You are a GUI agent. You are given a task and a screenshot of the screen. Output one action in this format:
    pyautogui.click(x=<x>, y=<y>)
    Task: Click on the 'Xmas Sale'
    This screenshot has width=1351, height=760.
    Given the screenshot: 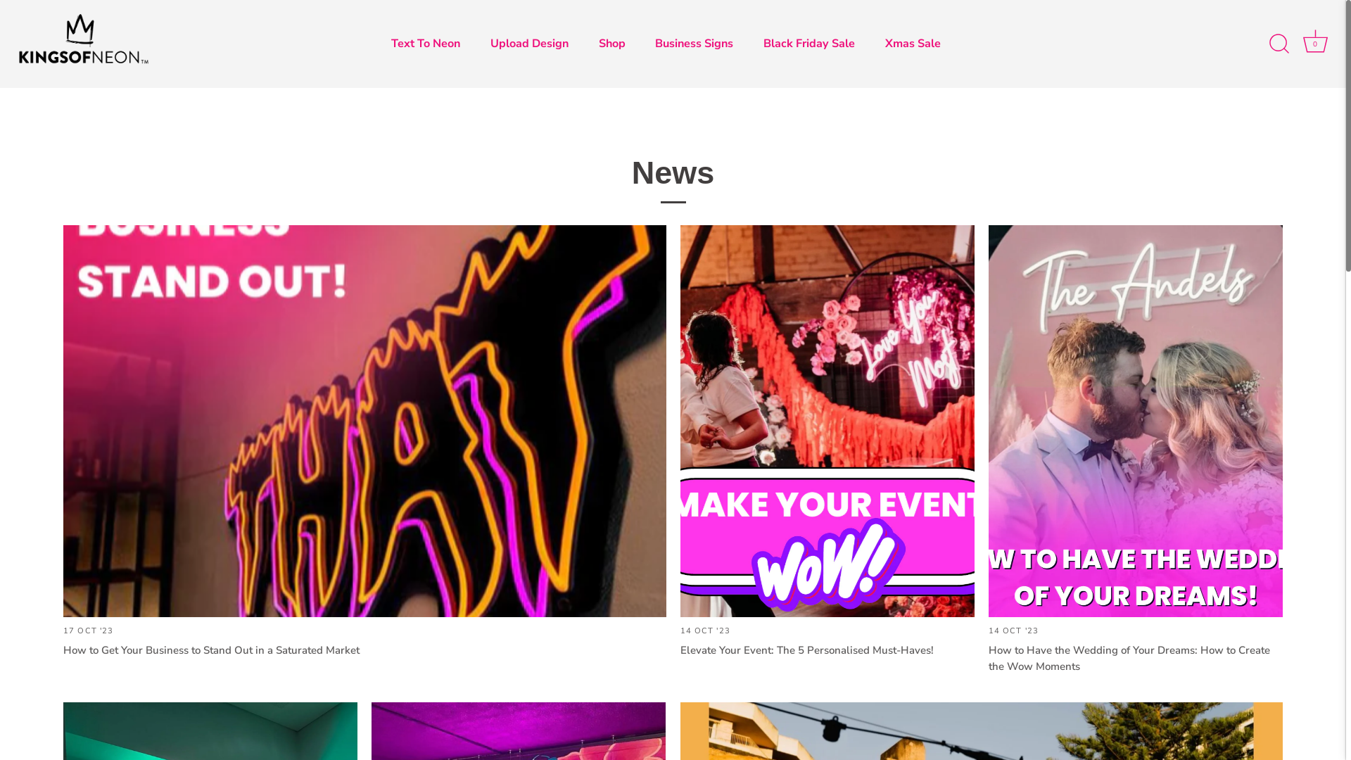 What is the action you would take?
    pyautogui.click(x=913, y=43)
    